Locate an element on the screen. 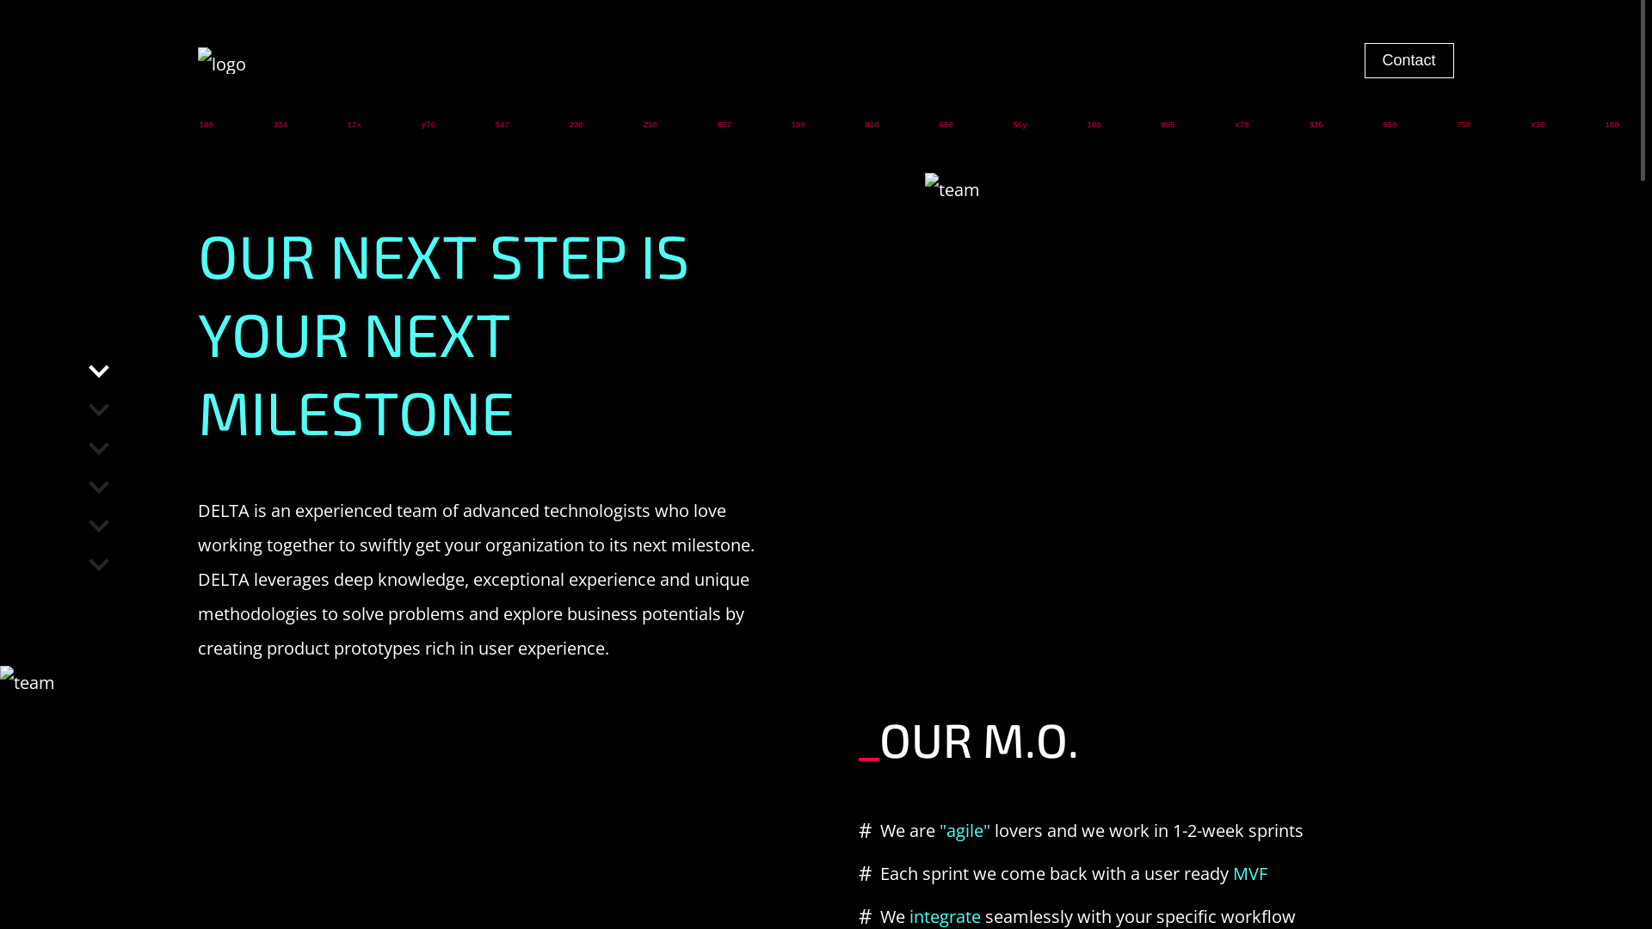  'Contact' is located at coordinates (1409, 59).